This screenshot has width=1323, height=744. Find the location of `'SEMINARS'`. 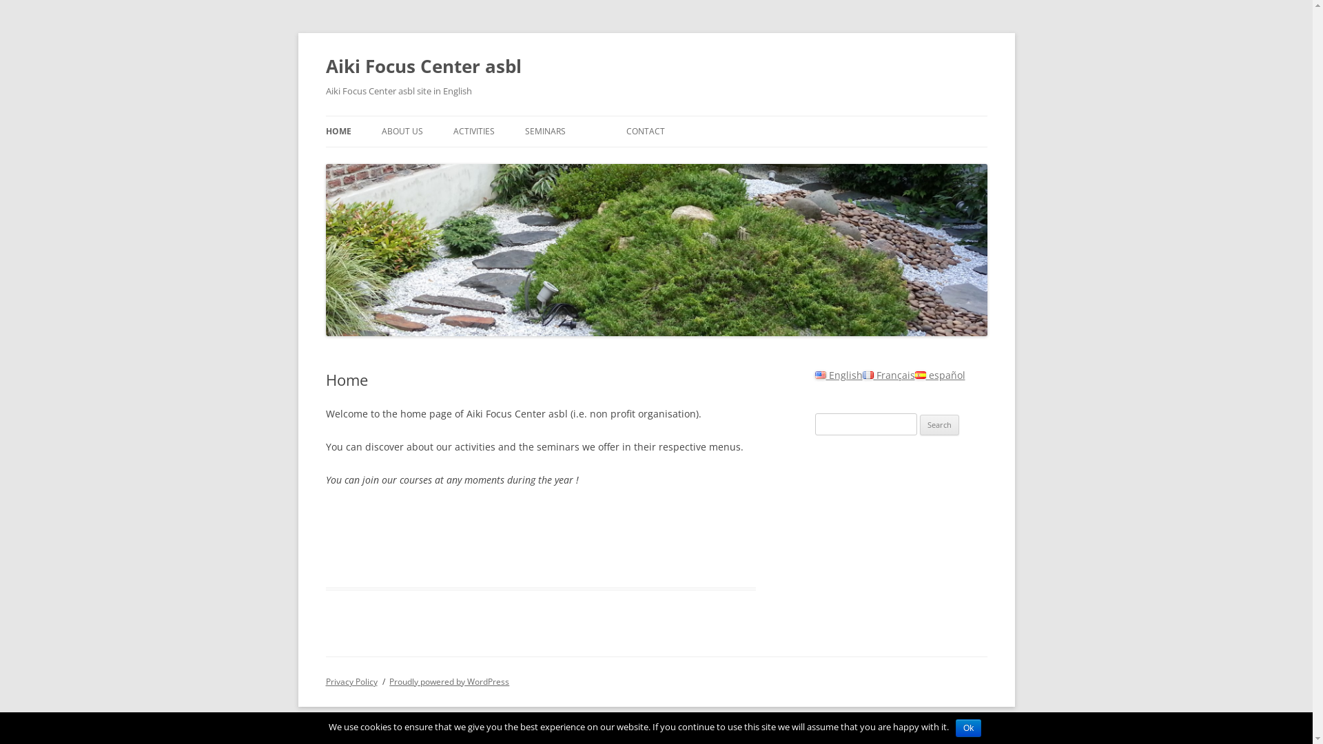

'SEMINARS' is located at coordinates (544, 132).